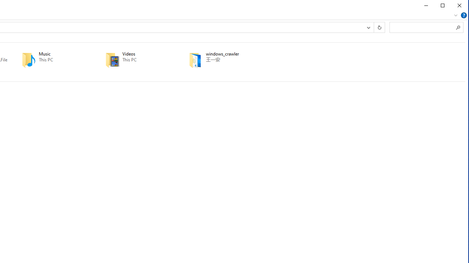 The image size is (469, 263). Describe the element at coordinates (459, 5) in the screenshot. I see `'Close'` at that location.